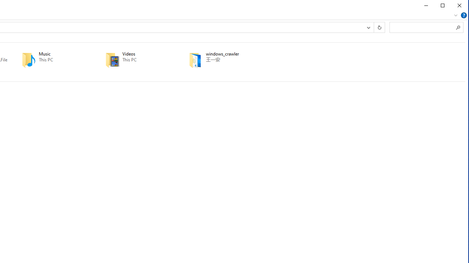 The image size is (469, 263). Describe the element at coordinates (459, 5) in the screenshot. I see `'Close'` at that location.